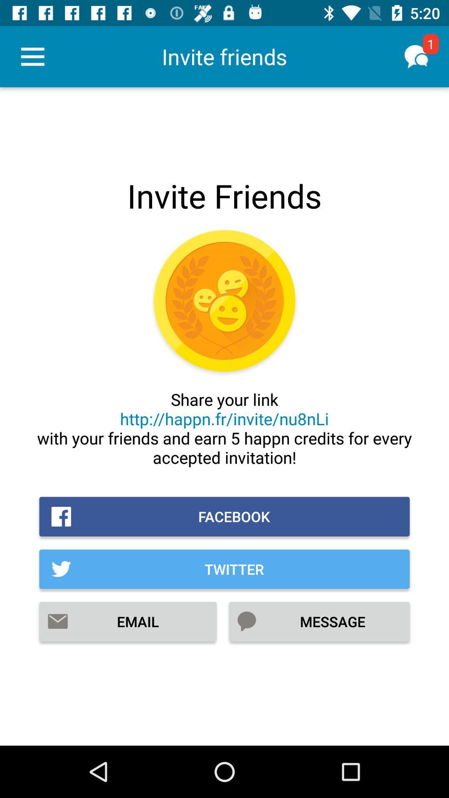  What do you see at coordinates (128, 621) in the screenshot?
I see `the item to the left of the message item` at bounding box center [128, 621].